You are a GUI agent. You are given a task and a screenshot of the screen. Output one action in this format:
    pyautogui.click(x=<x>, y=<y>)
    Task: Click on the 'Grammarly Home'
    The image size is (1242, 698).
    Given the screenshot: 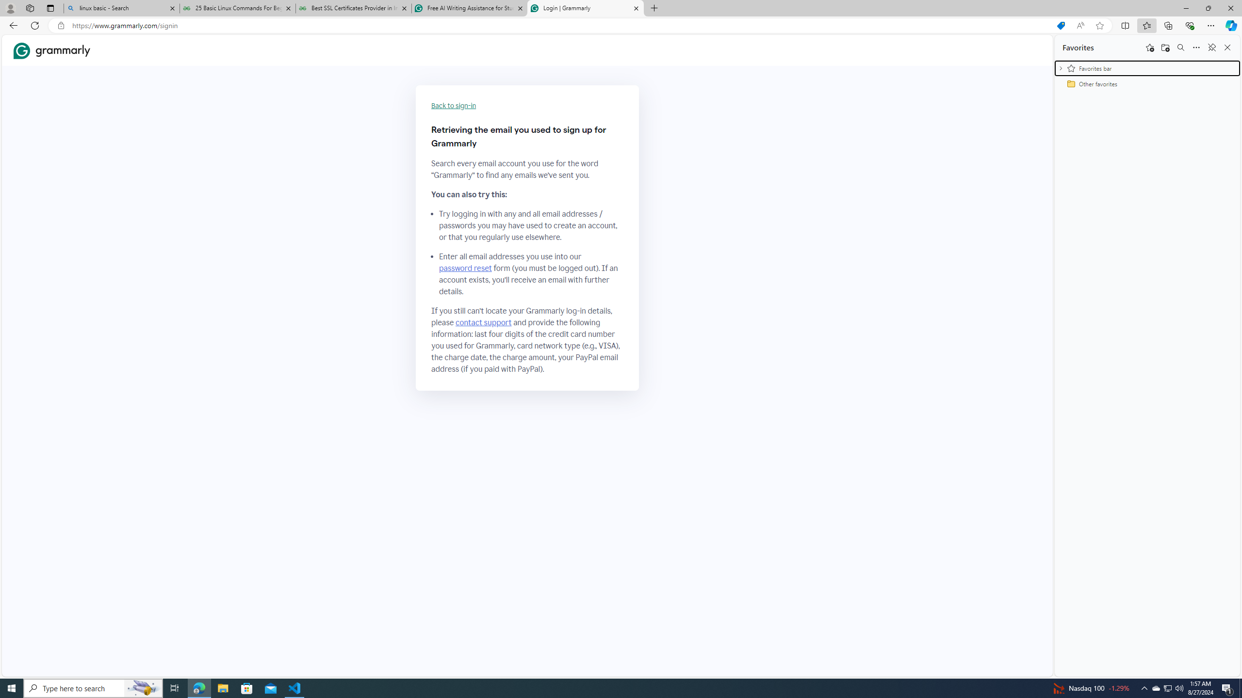 What is the action you would take?
    pyautogui.click(x=51, y=50)
    